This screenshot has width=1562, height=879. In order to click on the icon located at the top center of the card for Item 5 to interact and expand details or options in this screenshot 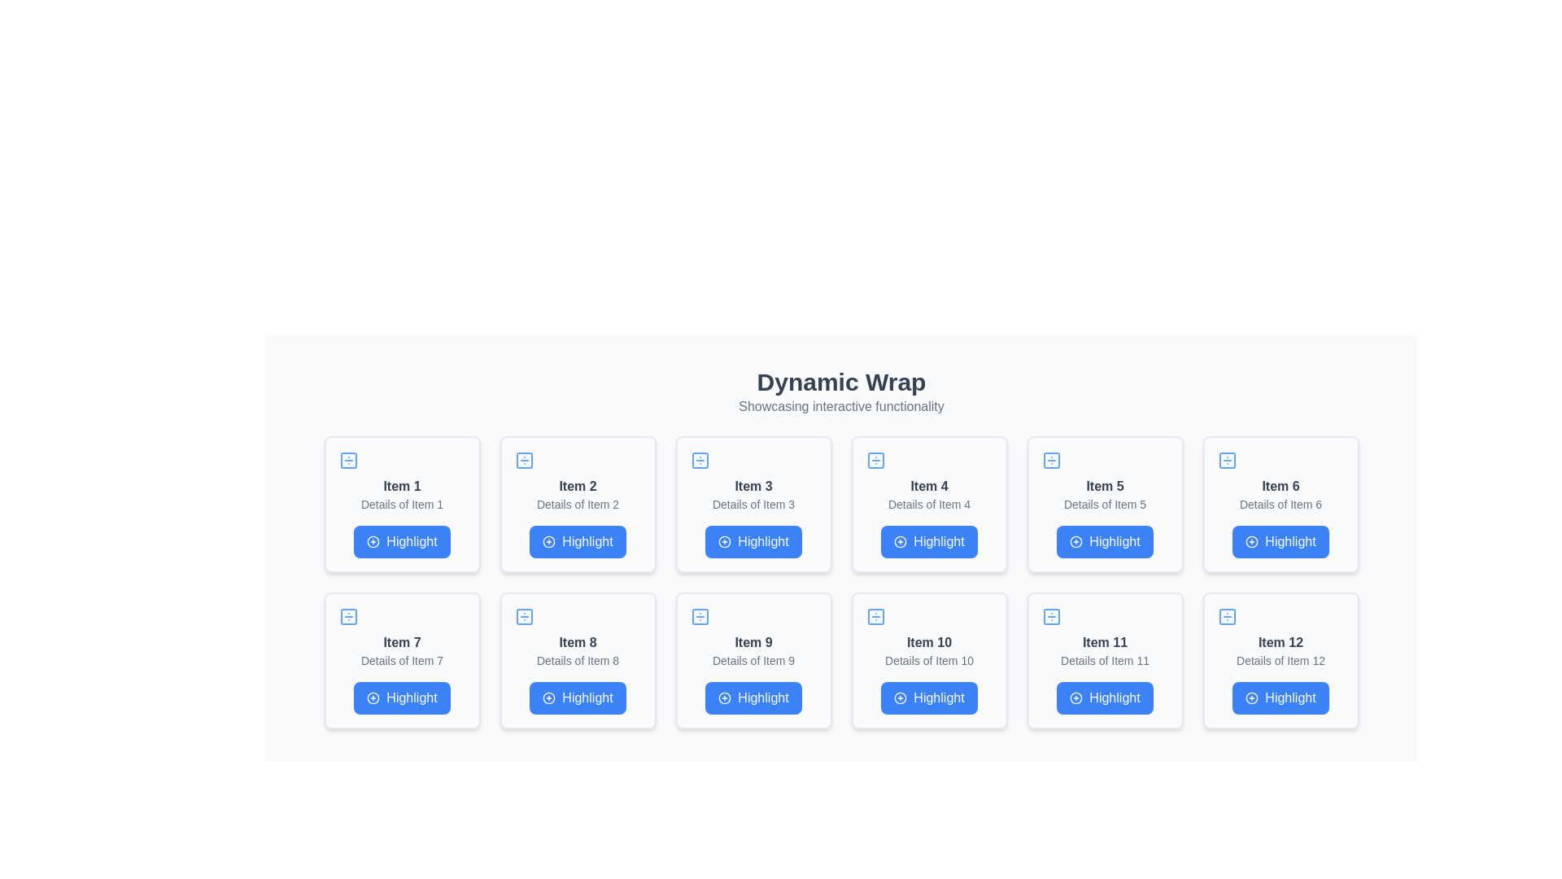, I will do `click(1051, 461)`.